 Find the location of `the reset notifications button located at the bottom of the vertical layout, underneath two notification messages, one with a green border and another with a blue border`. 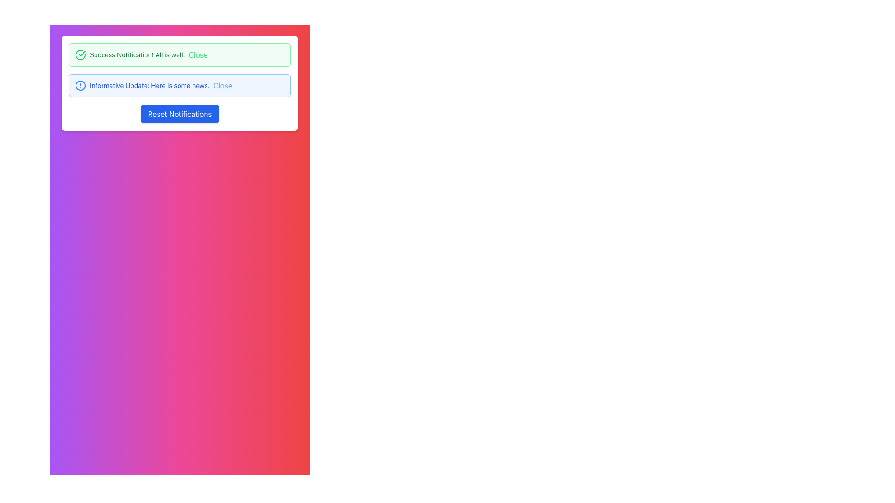

the reset notifications button located at the bottom of the vertical layout, underneath two notification messages, one with a green border and another with a blue border is located at coordinates (179, 114).